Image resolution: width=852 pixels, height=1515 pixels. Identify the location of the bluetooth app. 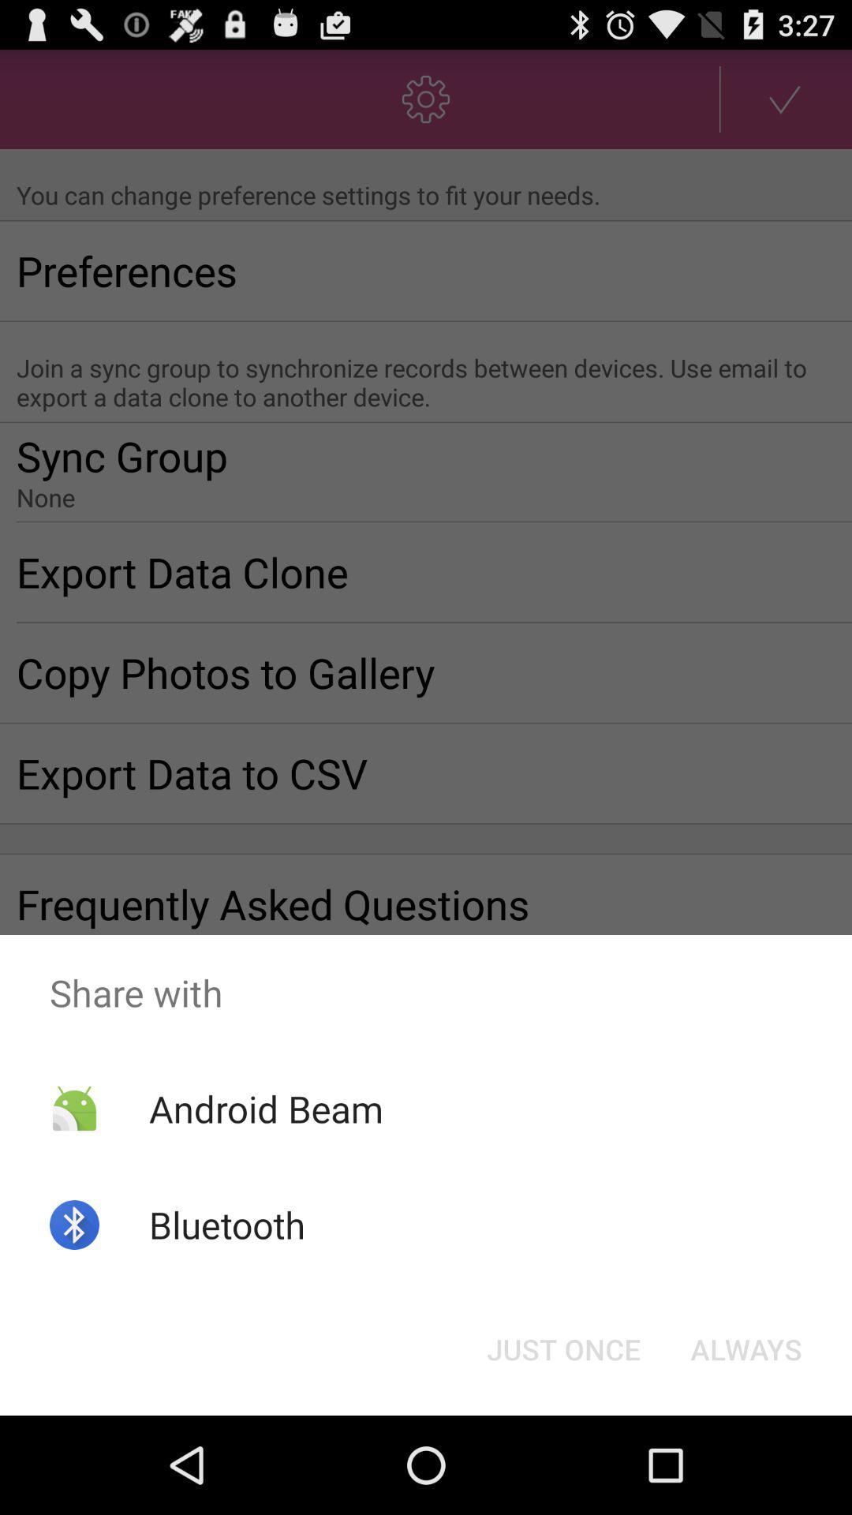
(227, 1224).